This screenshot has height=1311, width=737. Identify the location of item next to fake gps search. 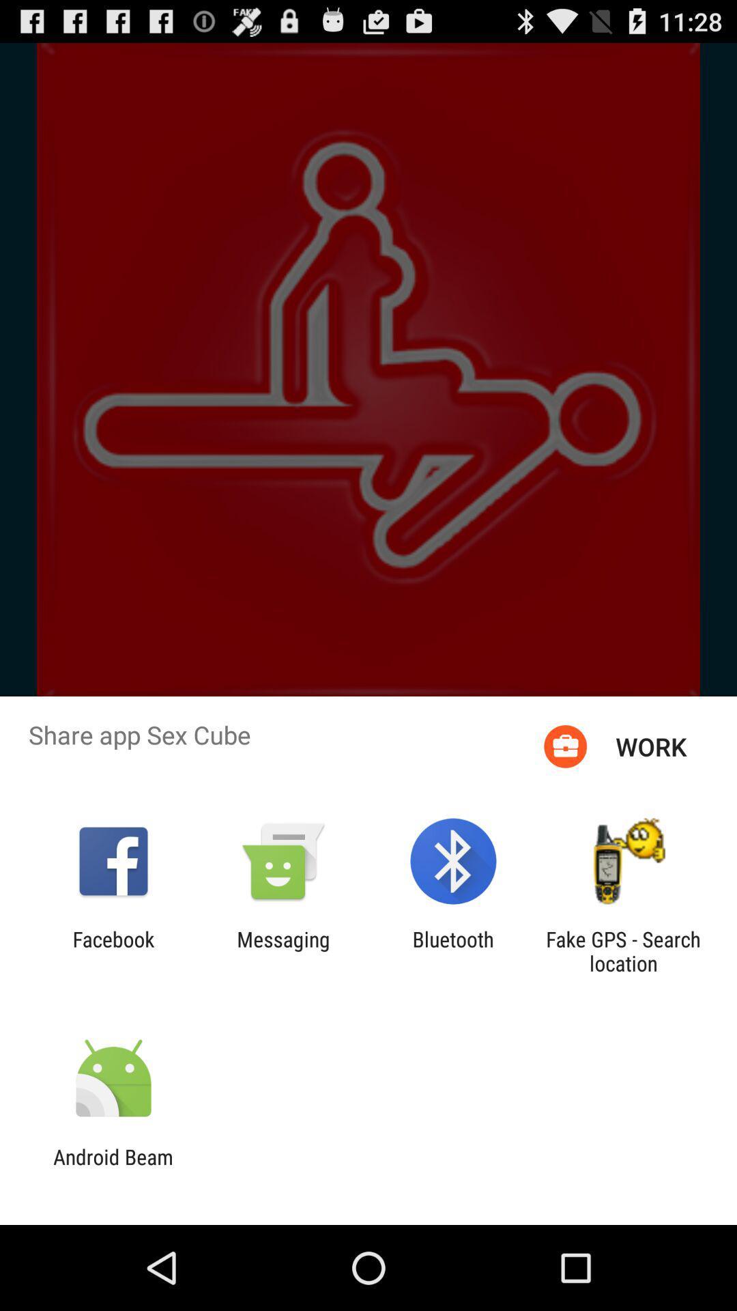
(453, 950).